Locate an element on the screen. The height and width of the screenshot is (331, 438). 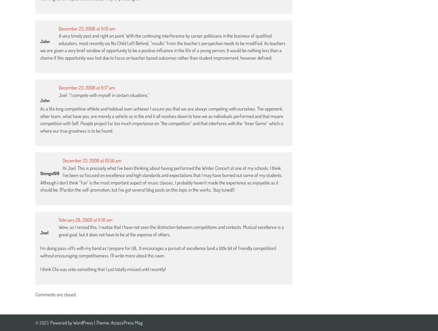
'AccessPress Mag' is located at coordinates (127, 323).